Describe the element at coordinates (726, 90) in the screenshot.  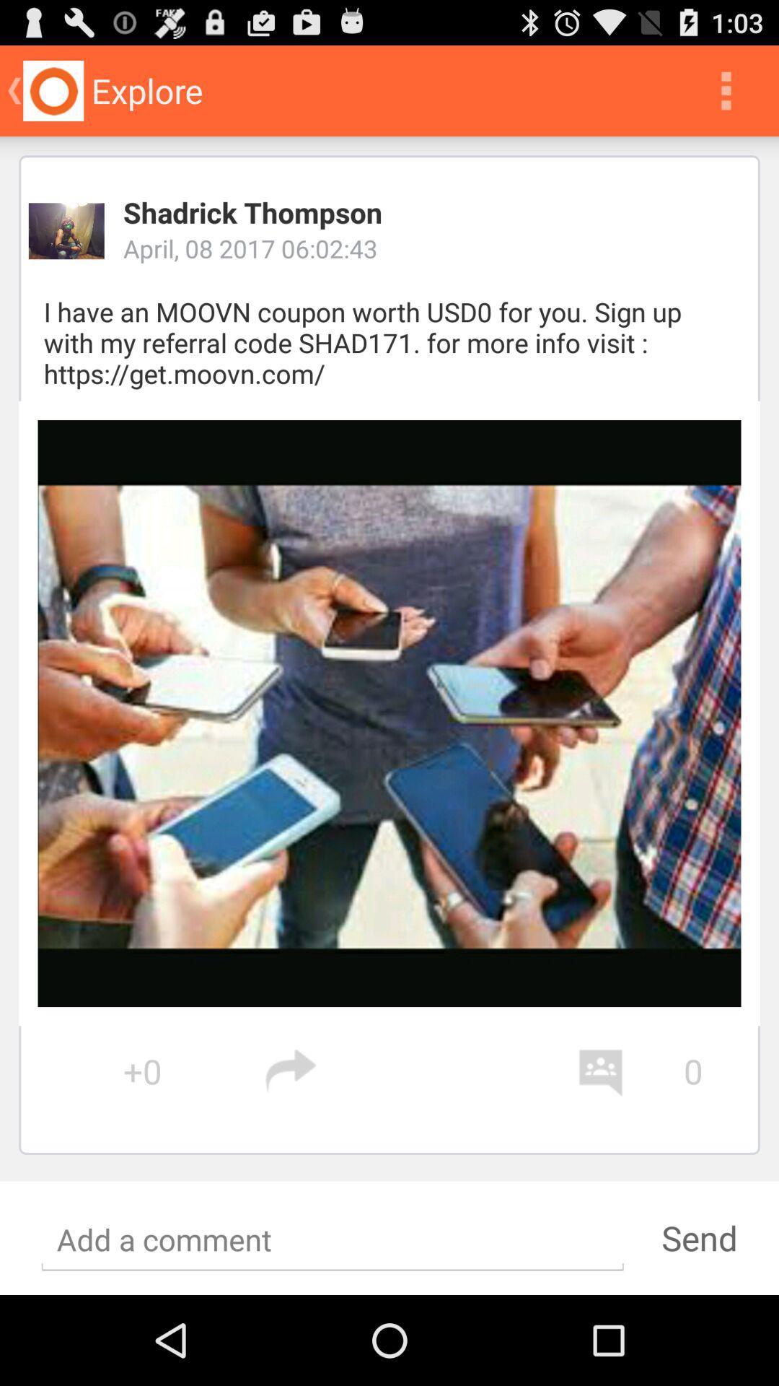
I see `item at the top right corner` at that location.